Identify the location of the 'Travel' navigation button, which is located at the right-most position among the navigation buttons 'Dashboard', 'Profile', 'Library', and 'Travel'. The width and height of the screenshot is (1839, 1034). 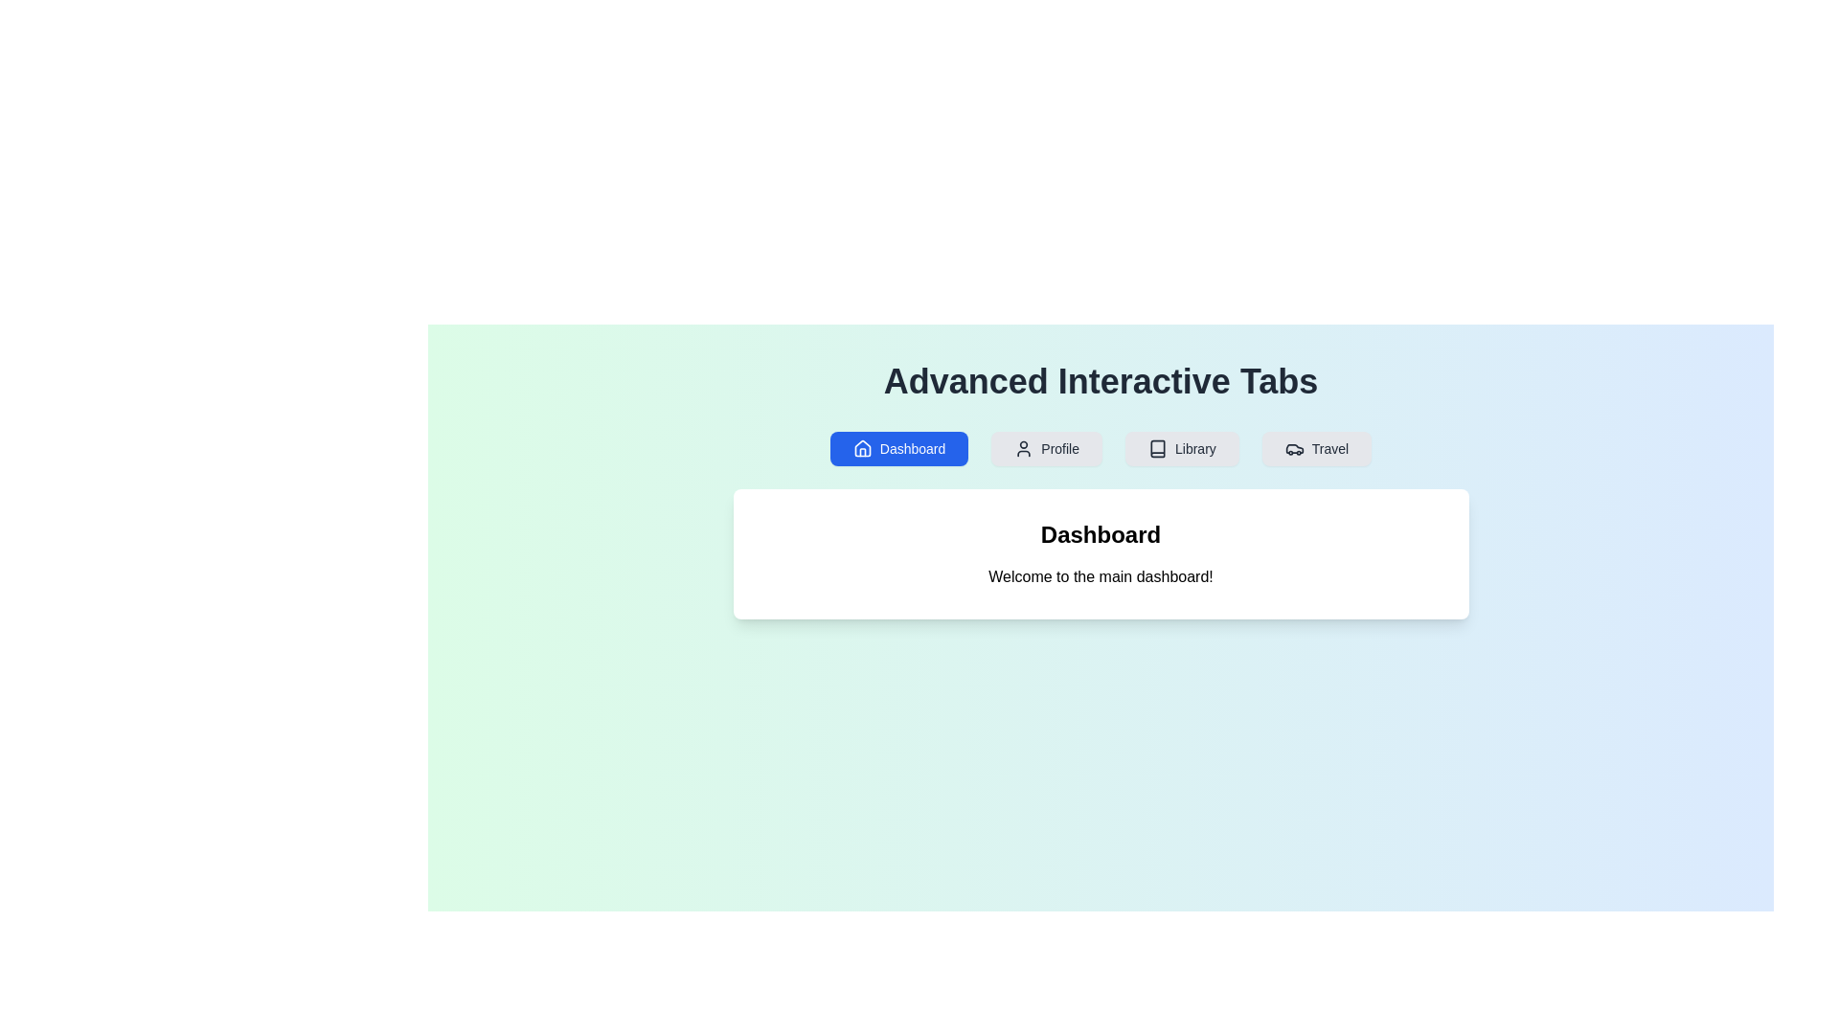
(1315, 449).